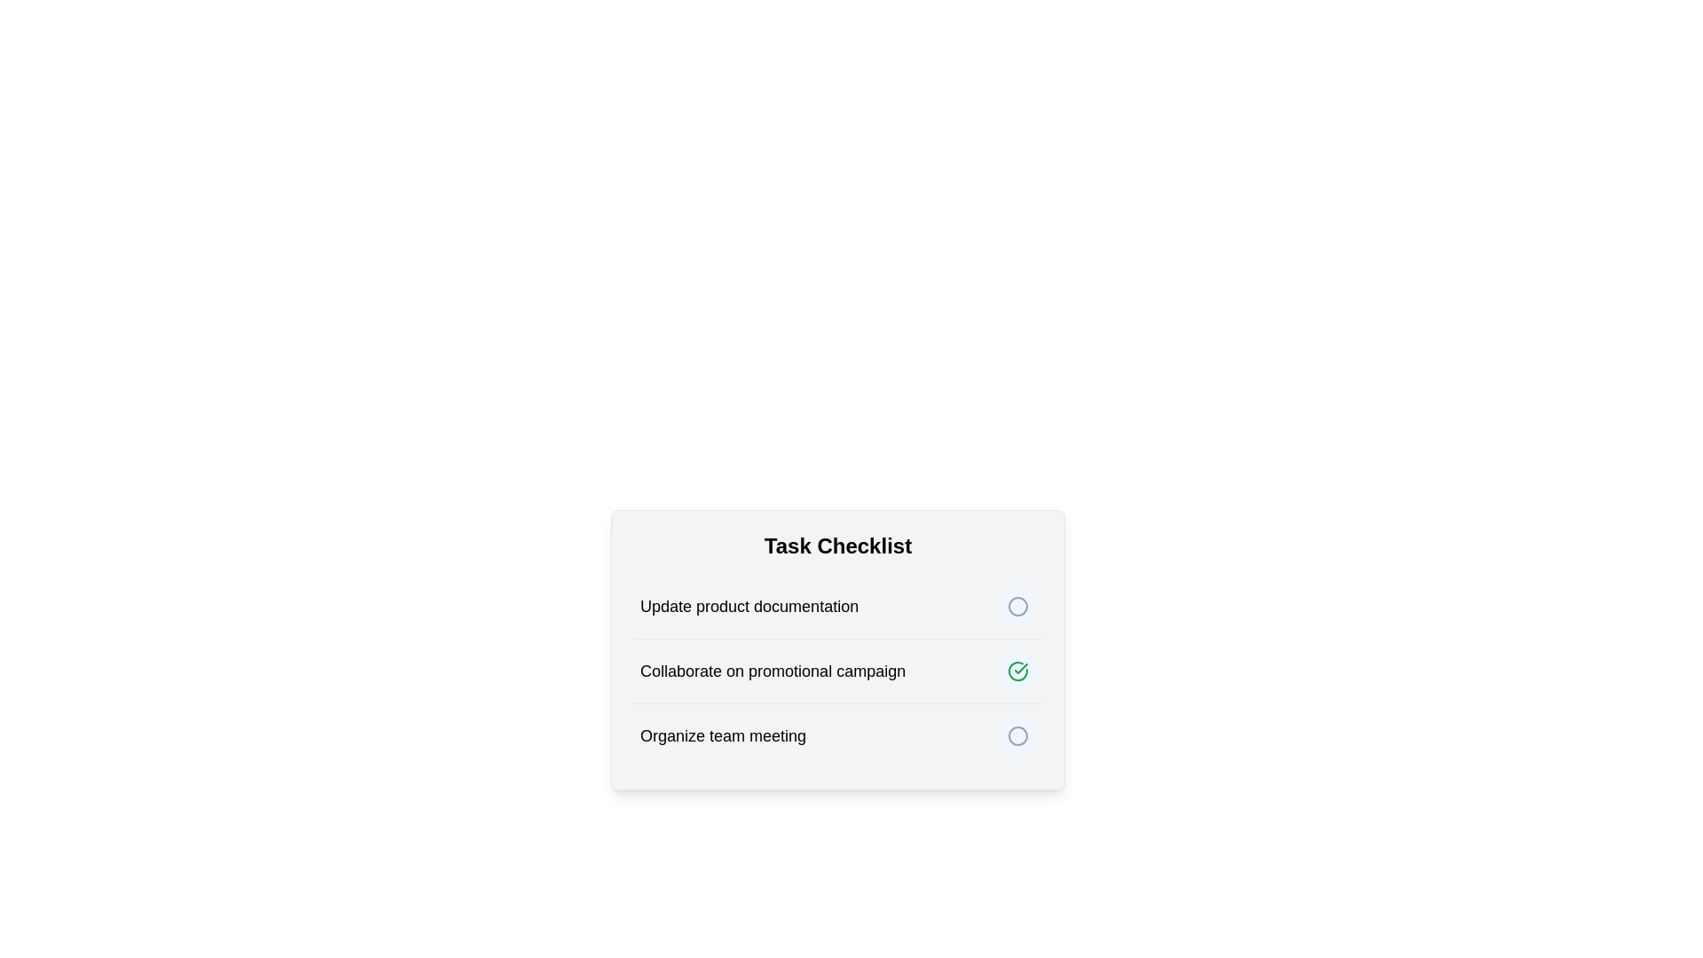 The image size is (1703, 958). What do you see at coordinates (1017, 605) in the screenshot?
I see `the circle icon in the 'Task Checklist' to mark the 'Update product documentation' task as complete` at bounding box center [1017, 605].